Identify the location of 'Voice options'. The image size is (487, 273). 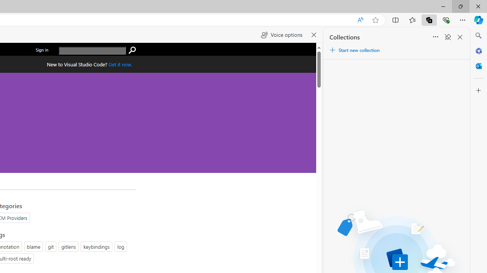
(281, 35).